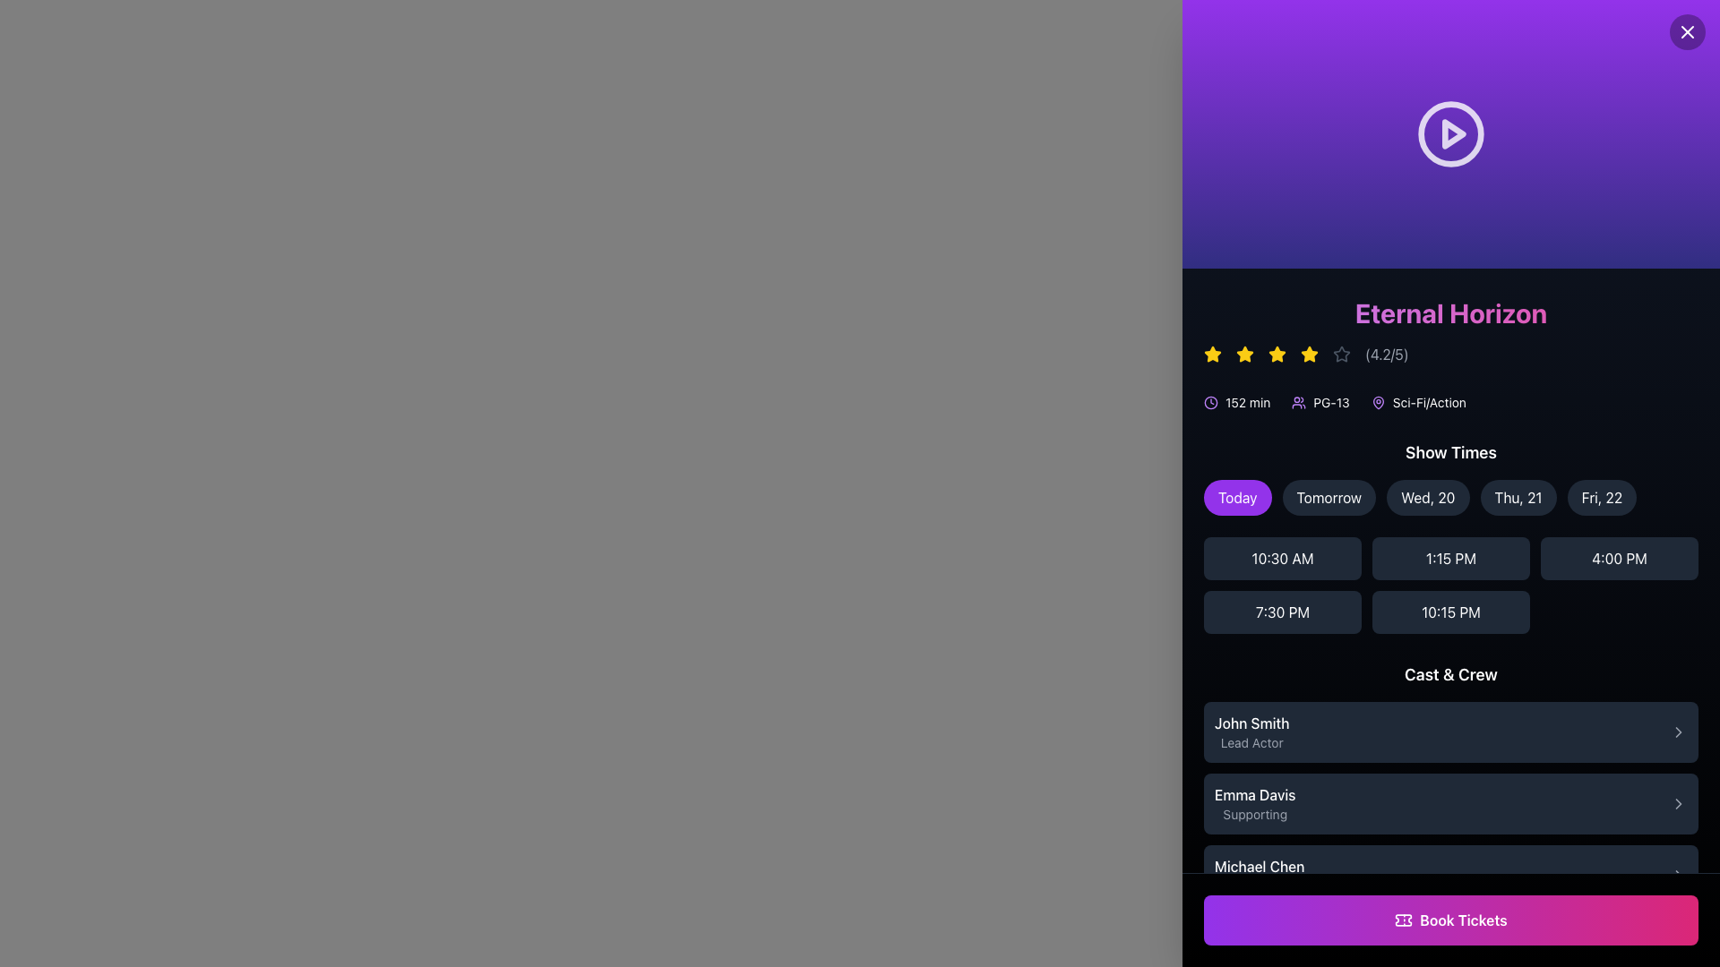  What do you see at coordinates (1686, 31) in the screenshot?
I see `the close button located in the top-right corner of the purple gradient background` at bounding box center [1686, 31].